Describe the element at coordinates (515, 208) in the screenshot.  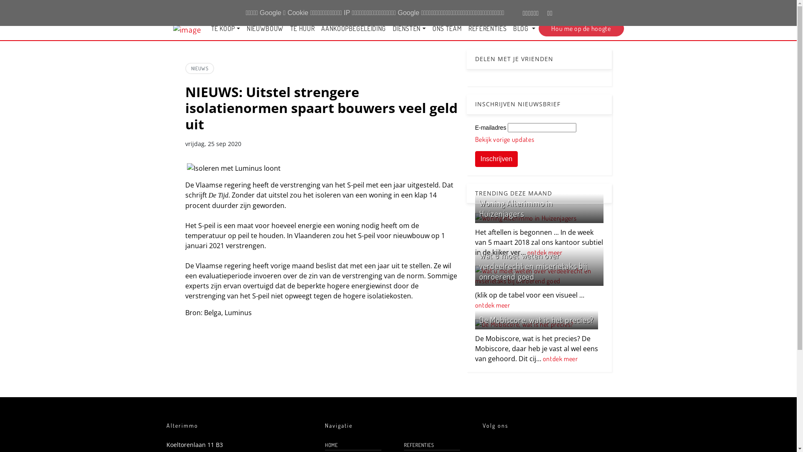
I see `'Woning Alterimmo in Huizenjagers'` at that location.